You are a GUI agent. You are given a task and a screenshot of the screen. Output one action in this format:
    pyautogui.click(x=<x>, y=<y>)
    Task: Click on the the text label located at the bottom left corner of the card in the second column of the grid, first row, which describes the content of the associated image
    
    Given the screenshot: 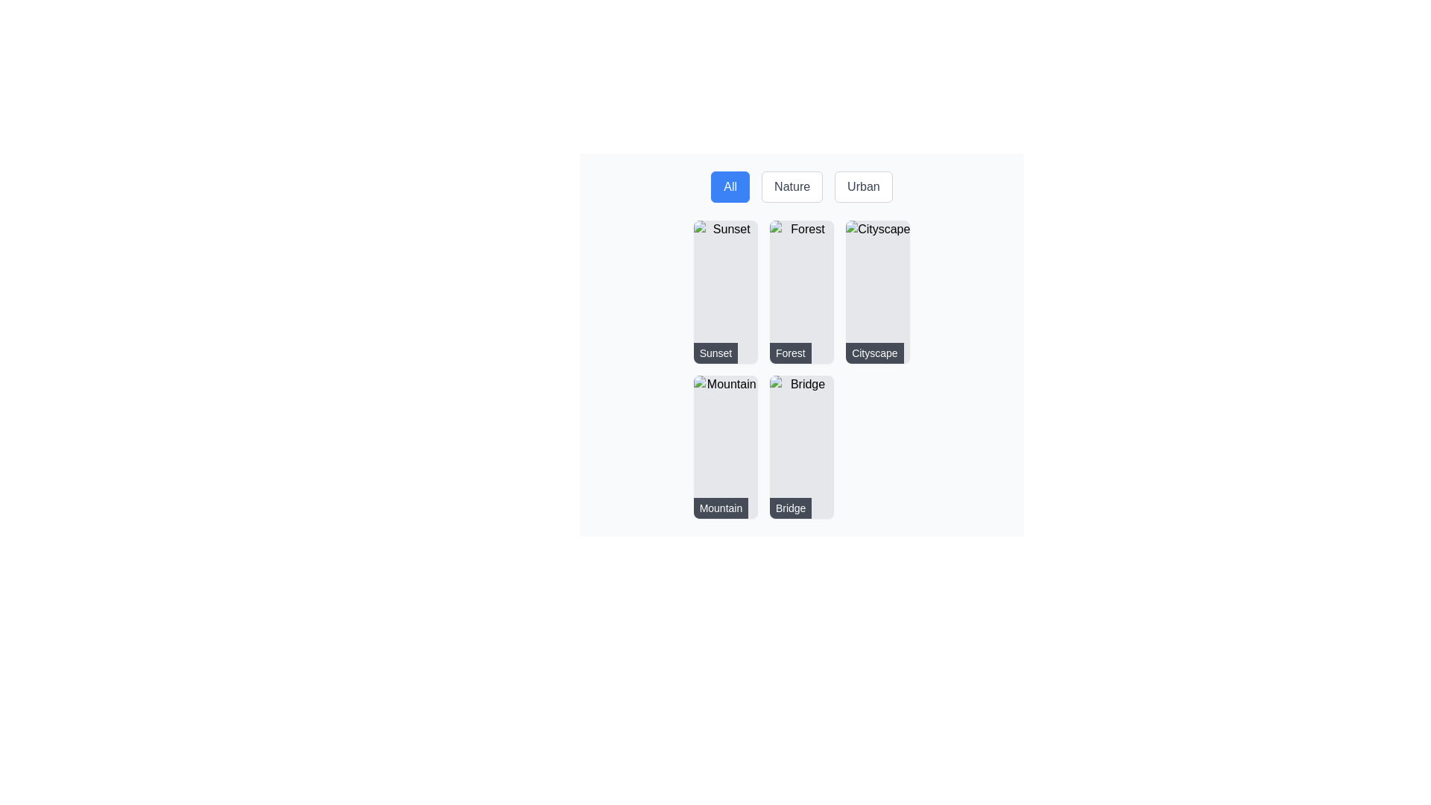 What is the action you would take?
    pyautogui.click(x=789, y=353)
    